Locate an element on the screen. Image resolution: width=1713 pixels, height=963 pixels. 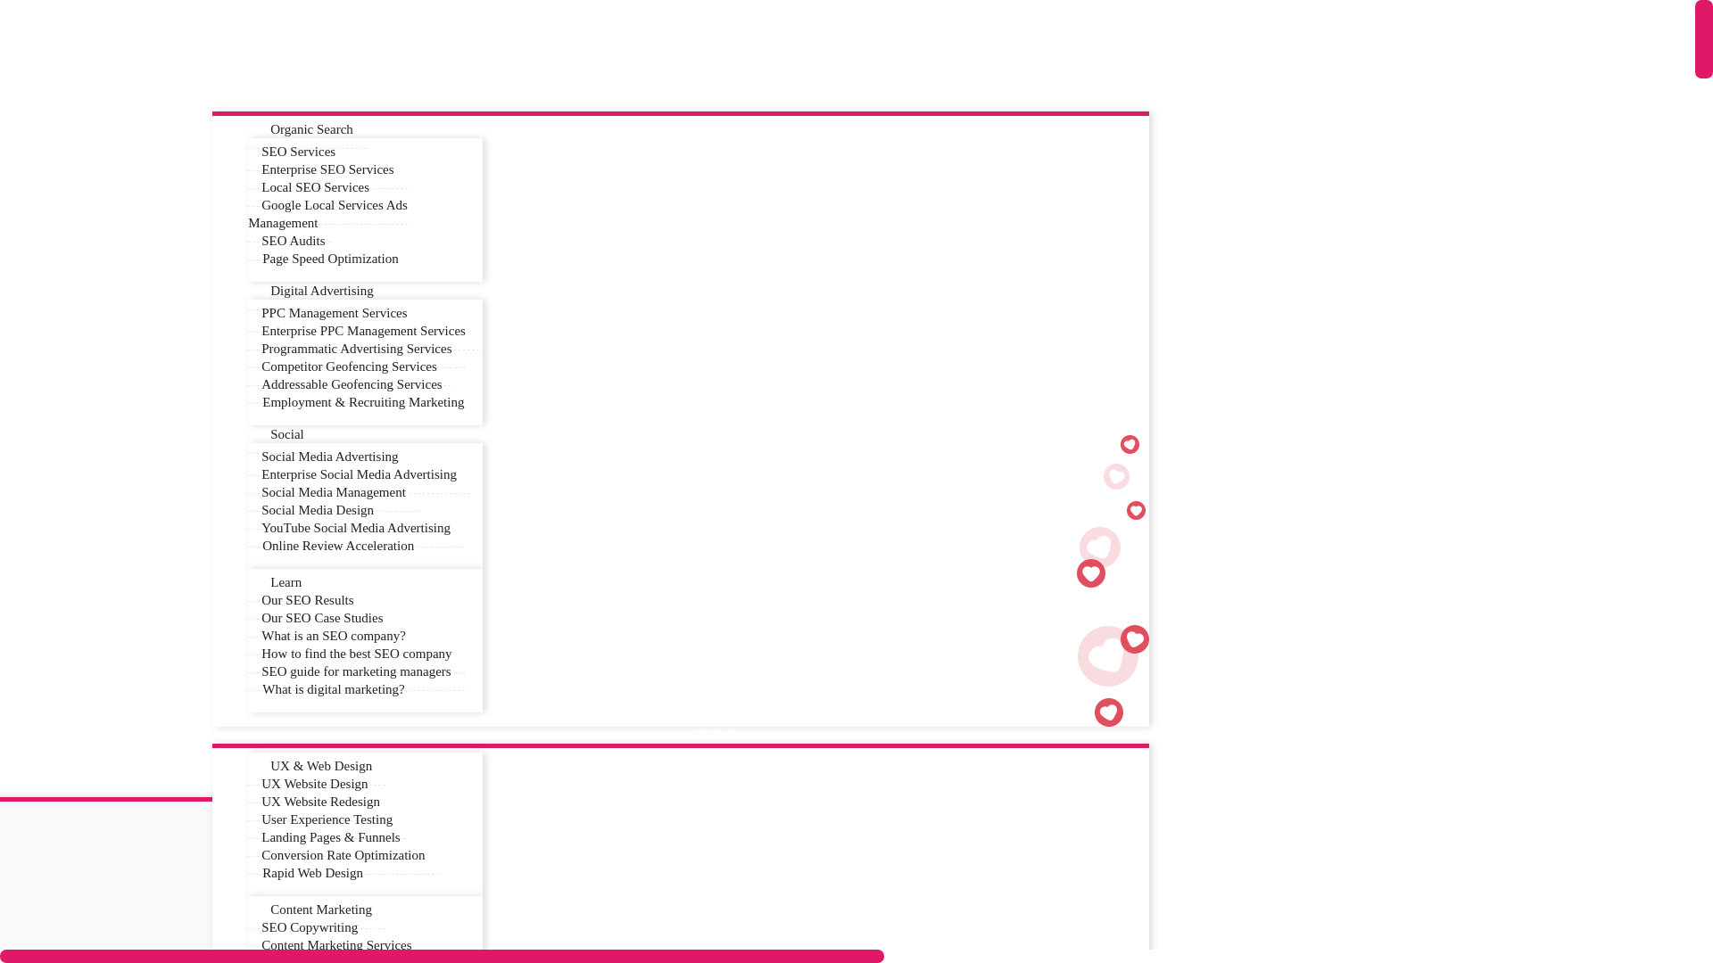
'Google Local Services Ads Management' is located at coordinates (327, 213).